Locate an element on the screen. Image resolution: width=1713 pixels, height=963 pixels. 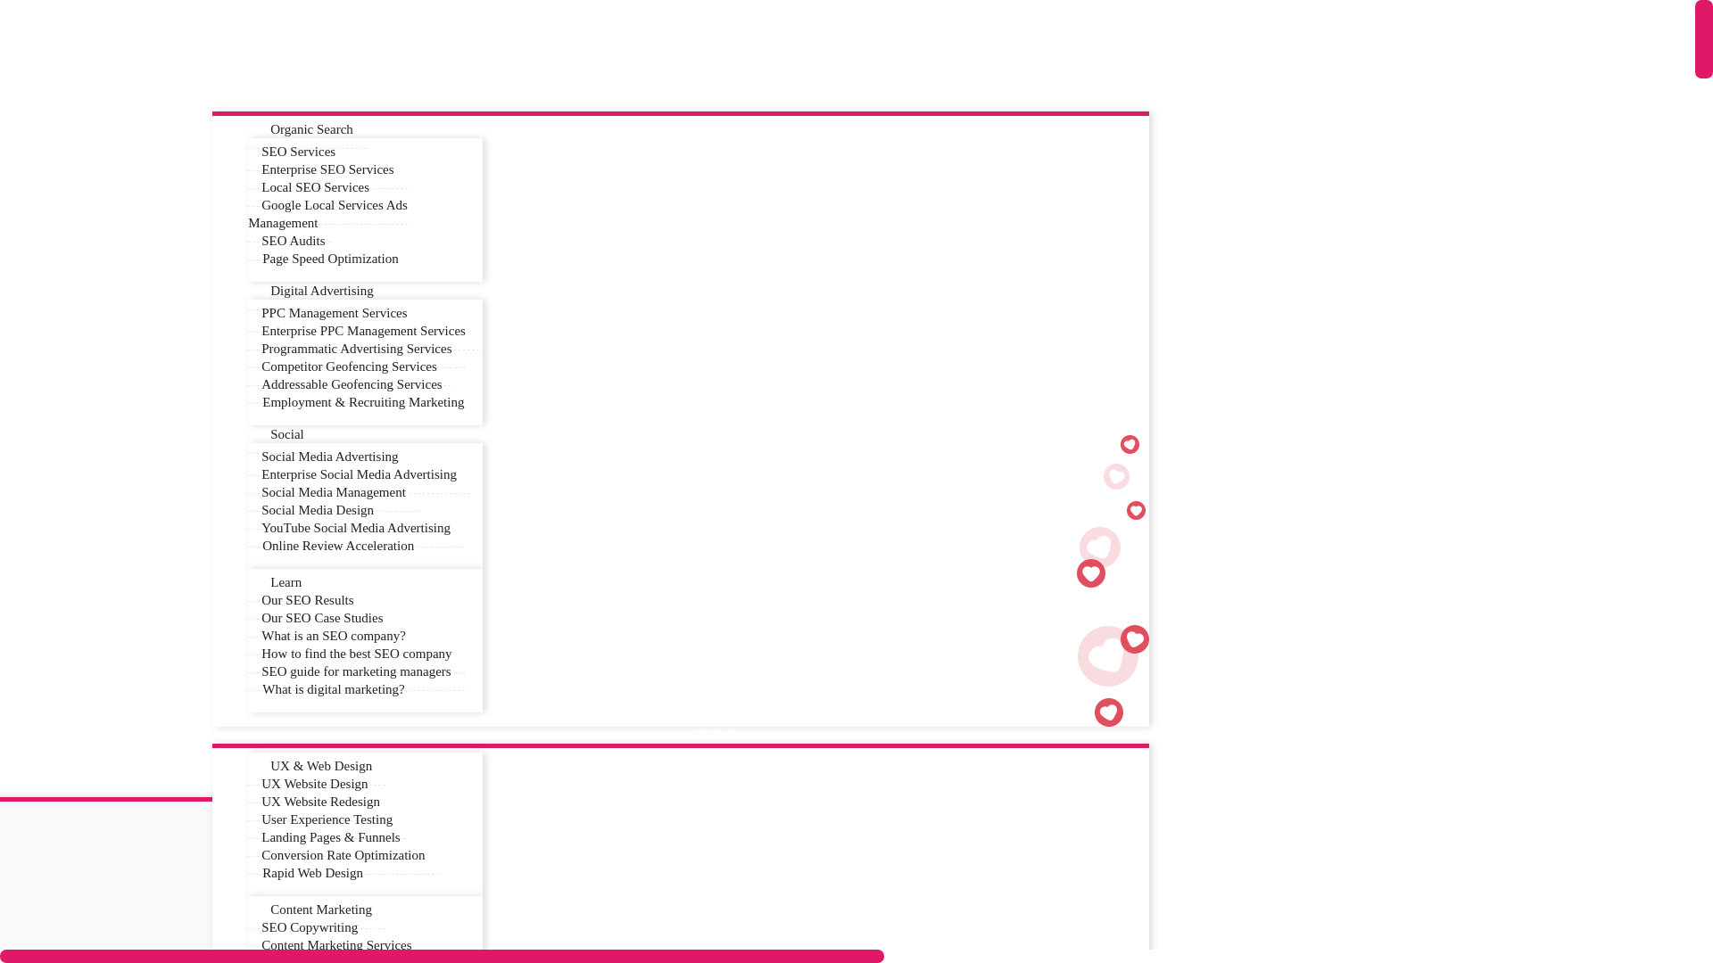
'Google Local Services Ads Management' is located at coordinates (327, 213).